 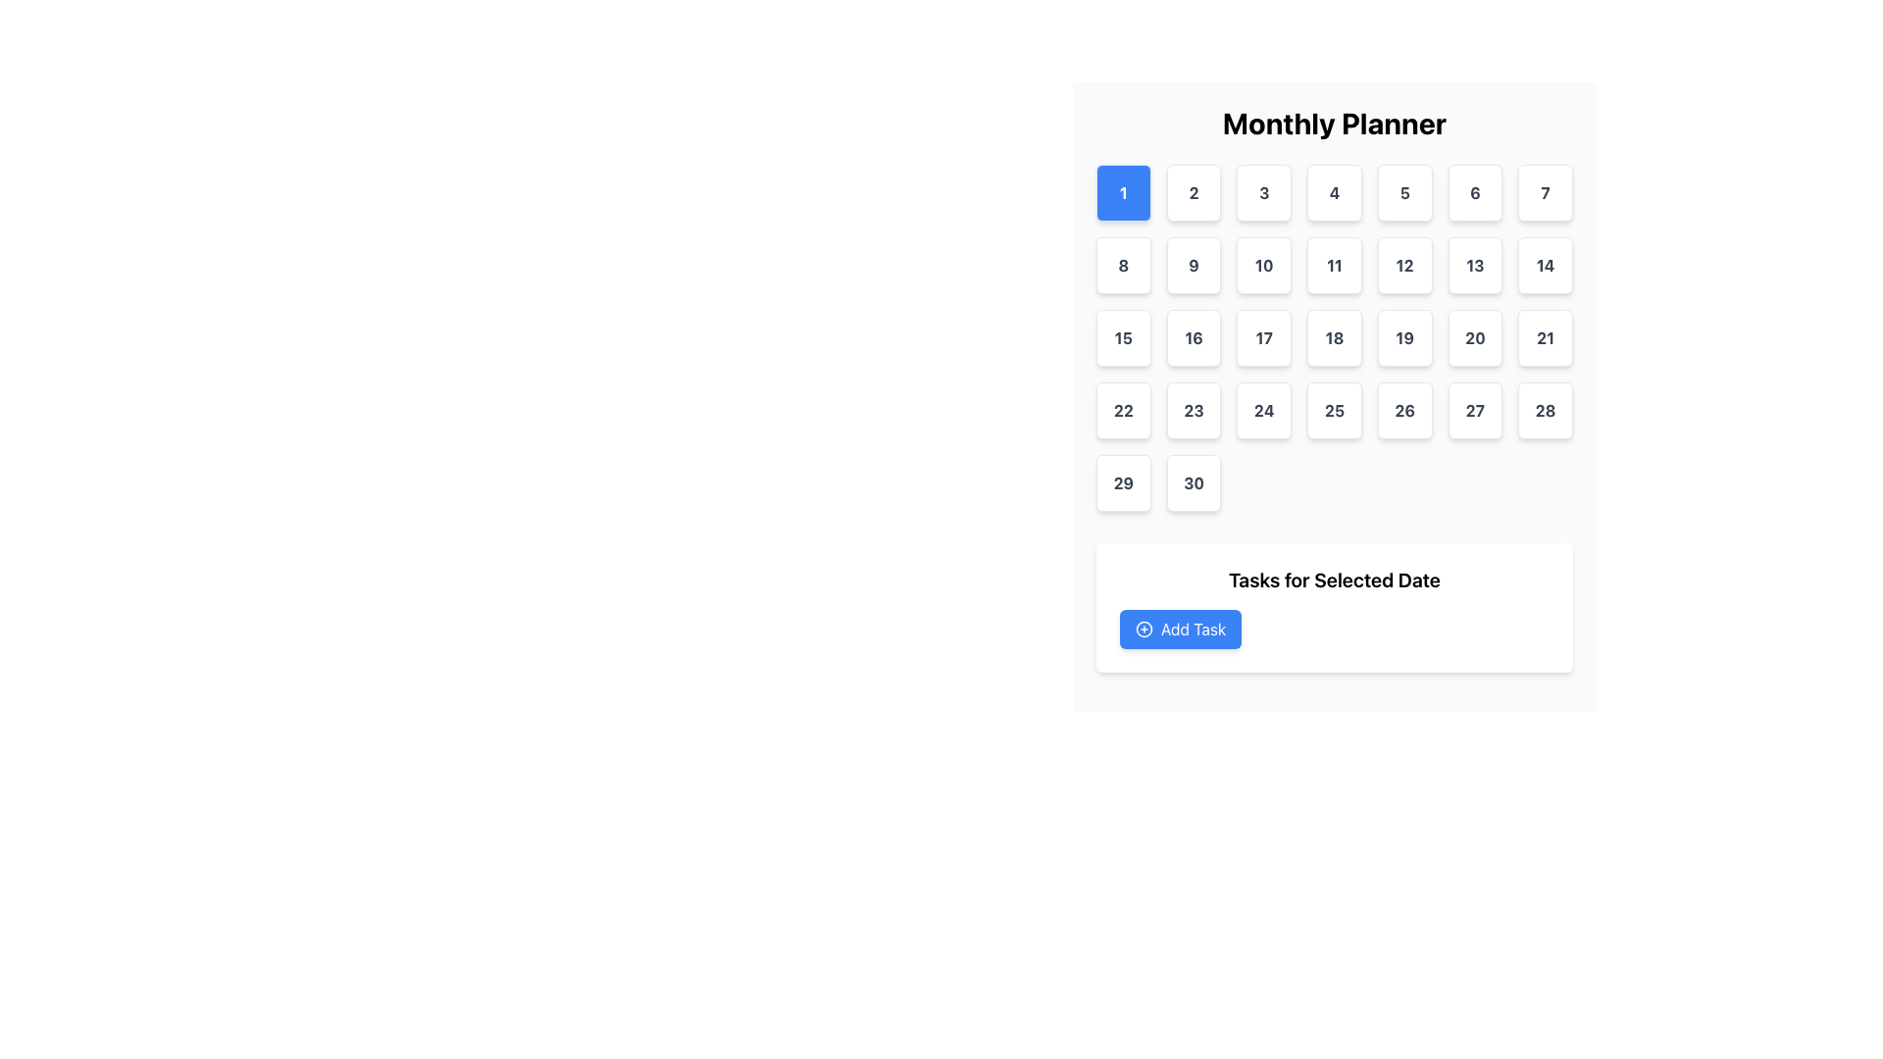 I want to click on the button representing the 11th day in the calendar view, so click(x=1334, y=265).